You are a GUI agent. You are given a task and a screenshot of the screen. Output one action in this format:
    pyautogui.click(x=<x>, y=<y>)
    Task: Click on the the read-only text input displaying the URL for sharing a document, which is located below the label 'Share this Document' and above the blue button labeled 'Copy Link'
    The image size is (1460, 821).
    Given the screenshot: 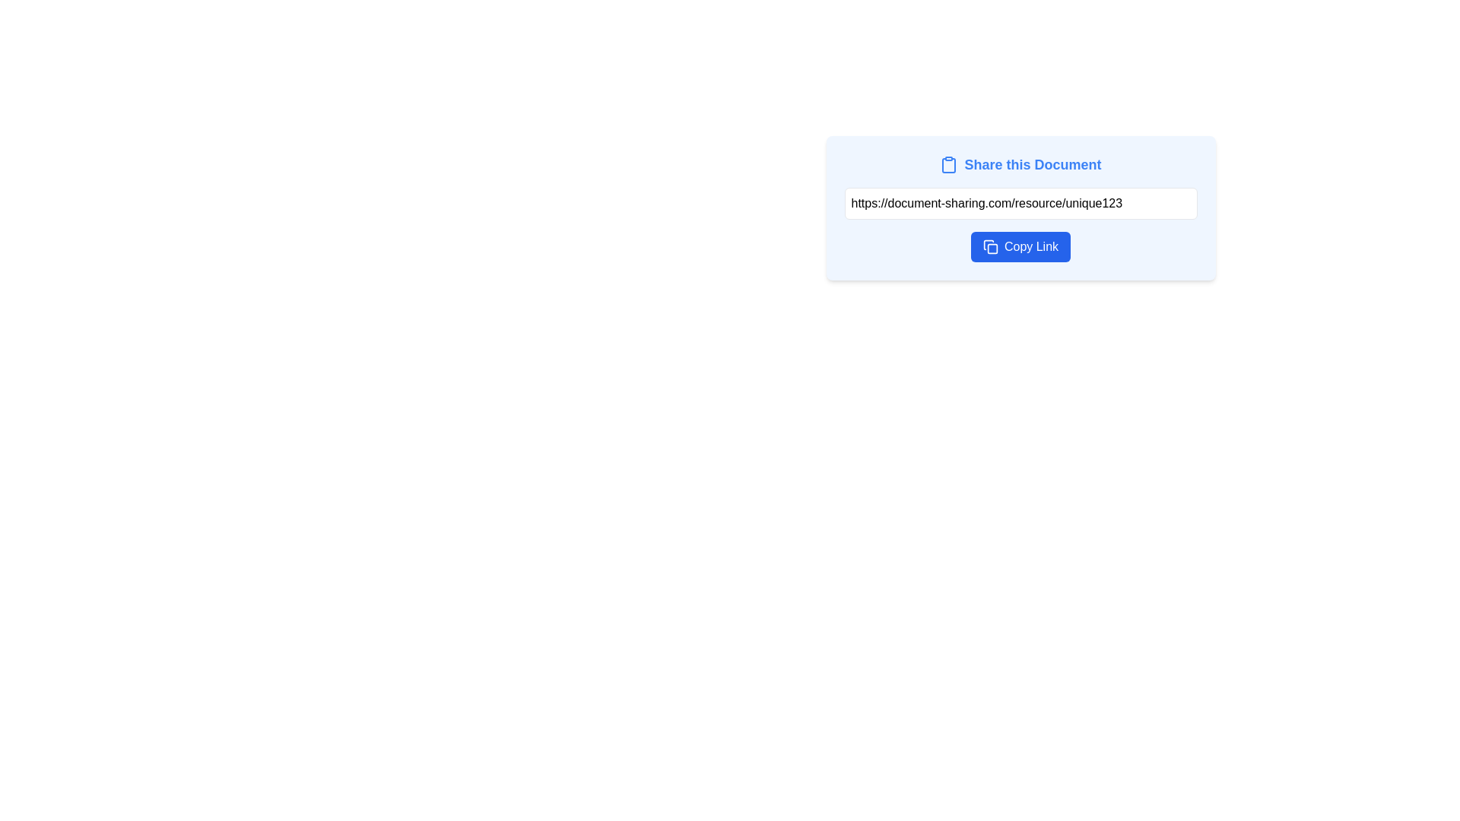 What is the action you would take?
    pyautogui.click(x=1020, y=208)
    